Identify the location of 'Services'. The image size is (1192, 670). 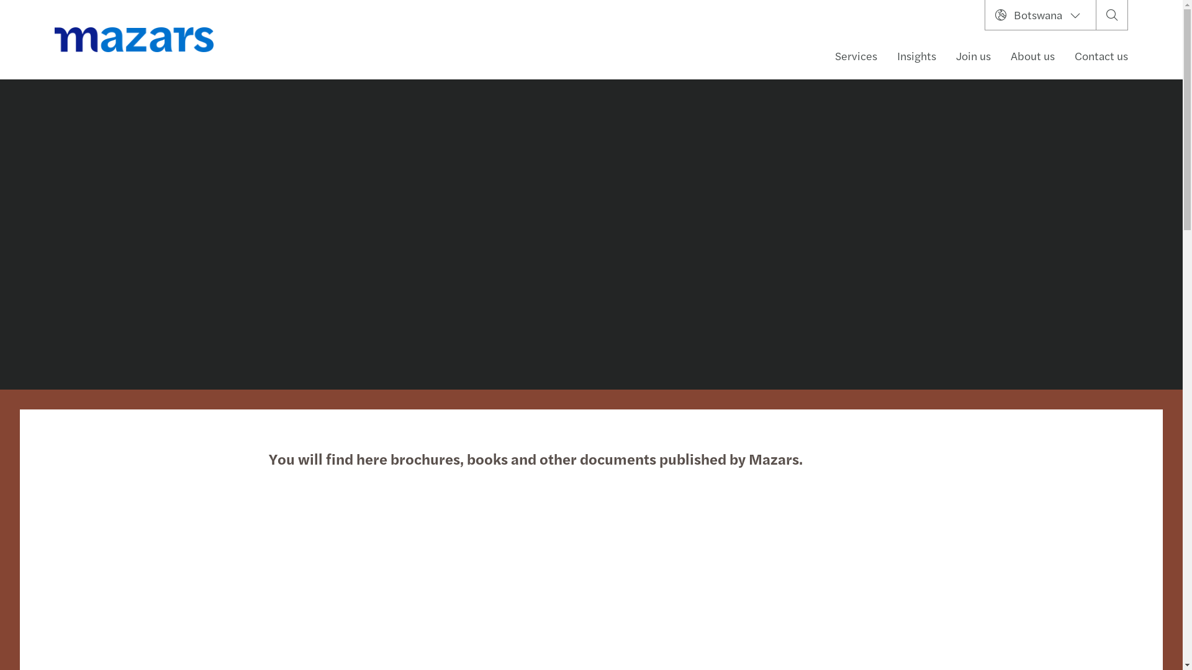
(825, 55).